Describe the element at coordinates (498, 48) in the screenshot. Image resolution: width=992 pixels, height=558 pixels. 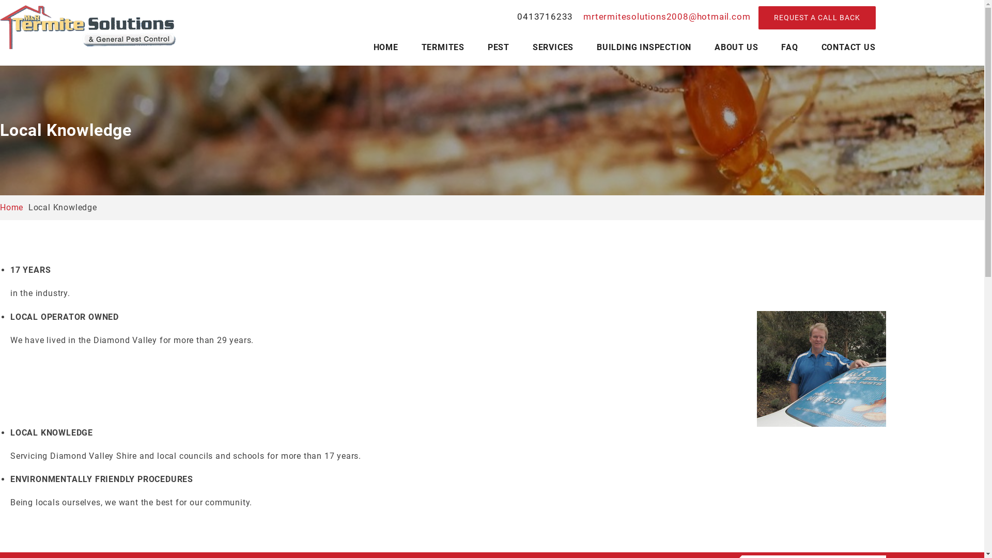
I see `'PEST'` at that location.